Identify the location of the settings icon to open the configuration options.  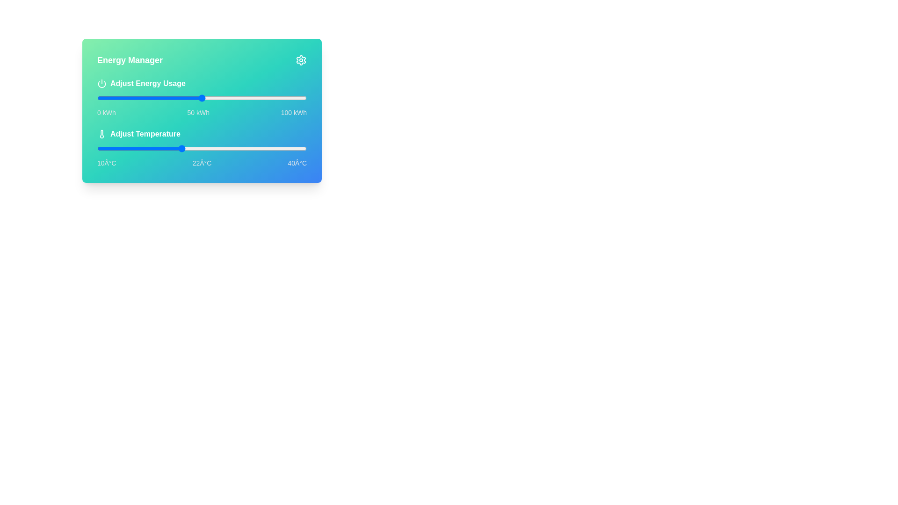
(301, 60).